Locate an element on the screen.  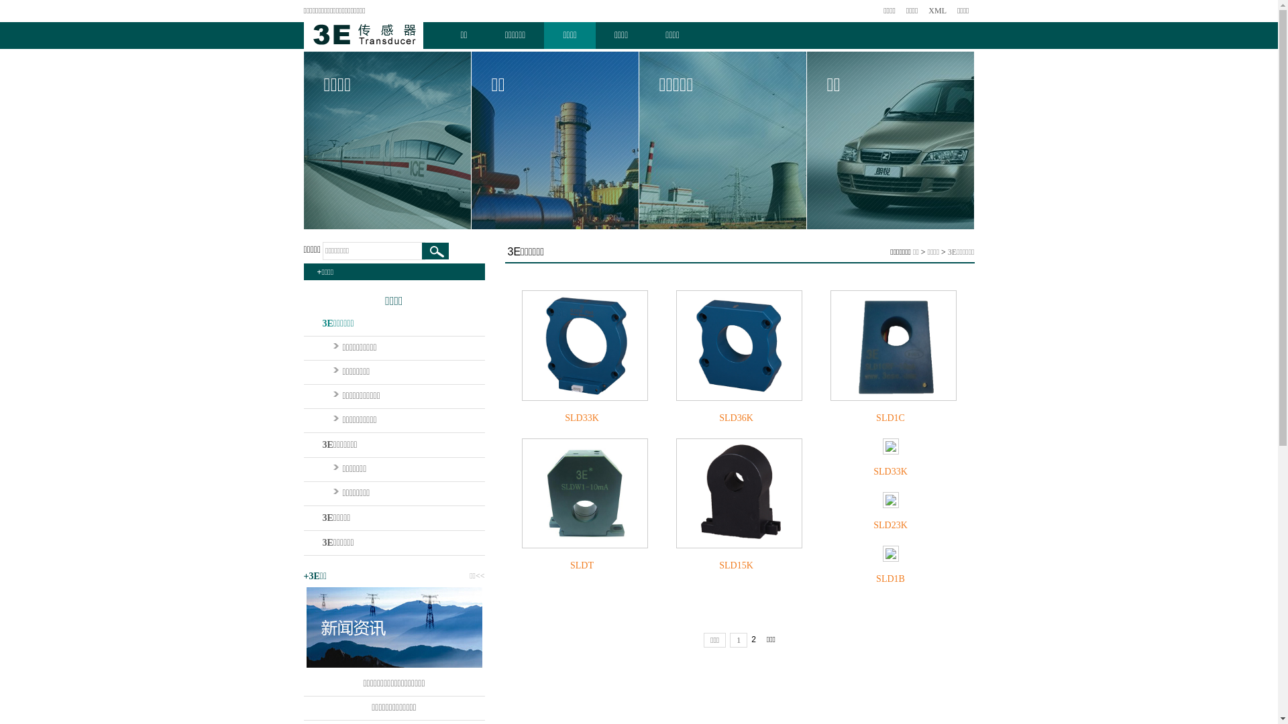
'XML' is located at coordinates (936, 10).